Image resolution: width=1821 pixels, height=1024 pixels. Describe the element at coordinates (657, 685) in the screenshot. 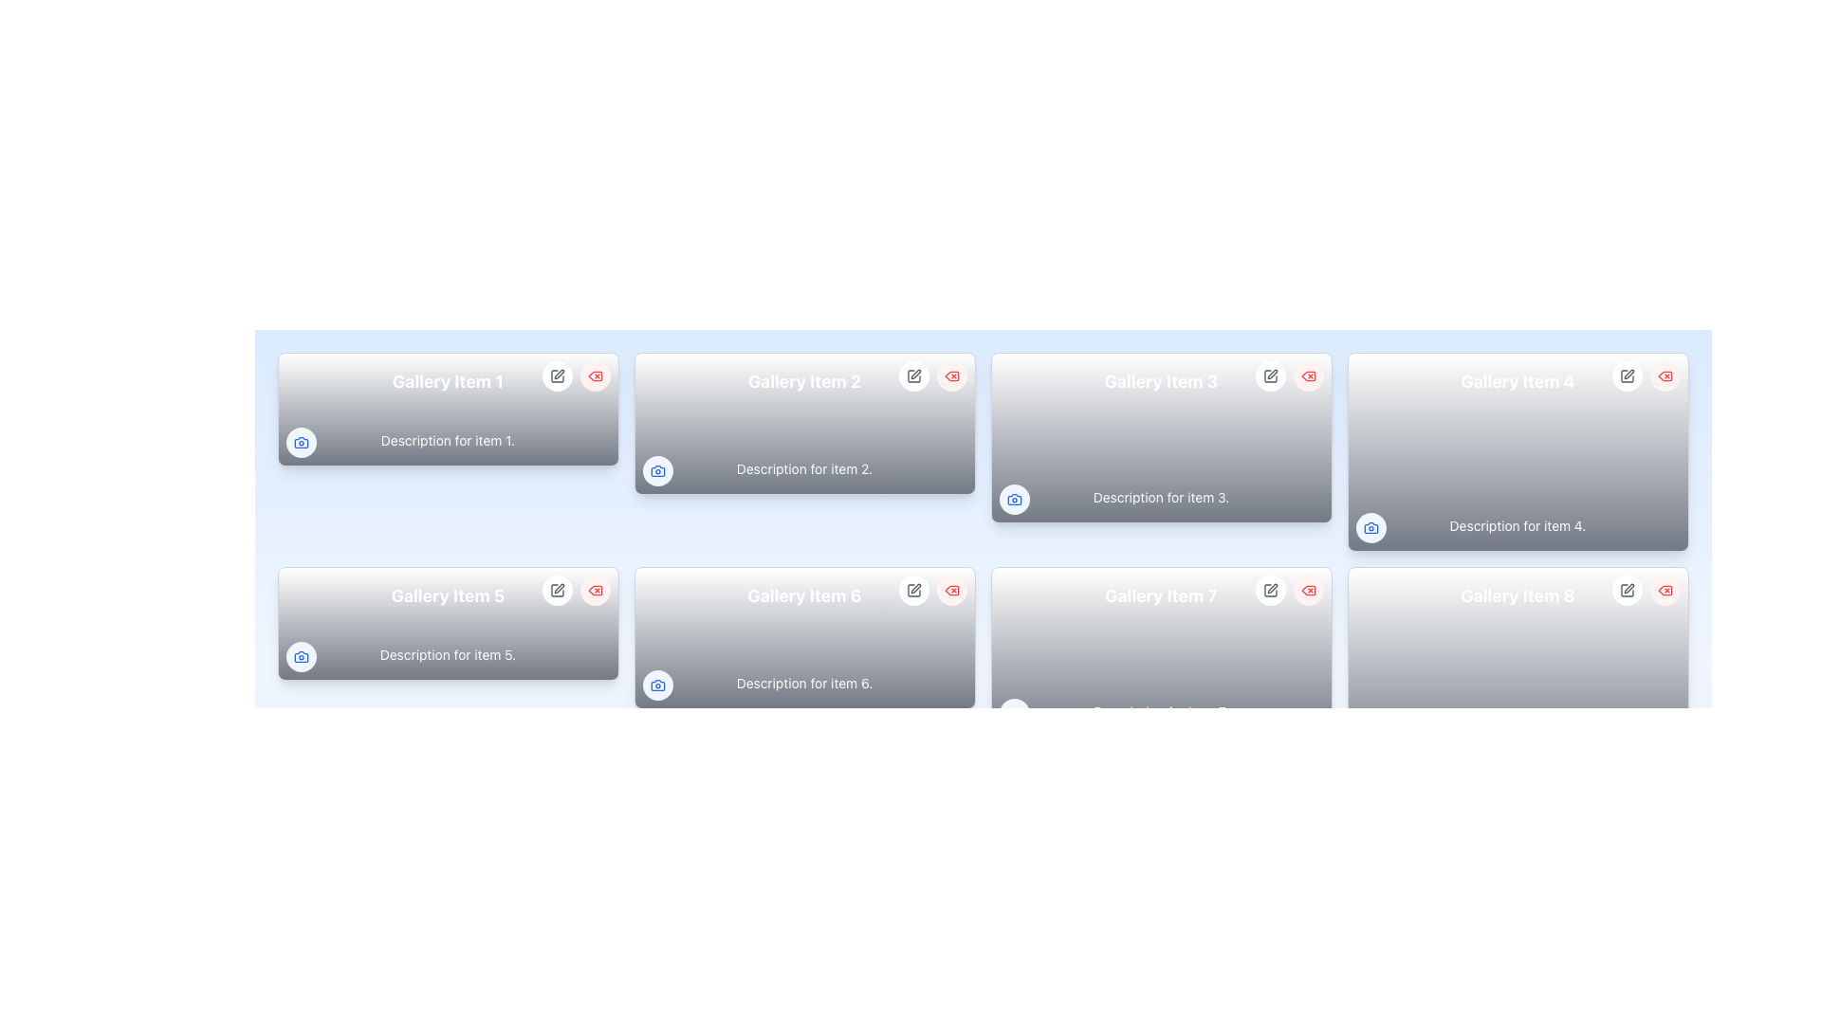

I see `the icon in the left-bottom corner of 'Gallery Item 6'` at that location.